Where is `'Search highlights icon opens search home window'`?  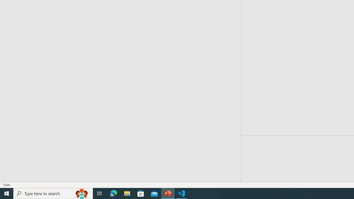 'Search highlights icon opens search home window' is located at coordinates (81, 193).